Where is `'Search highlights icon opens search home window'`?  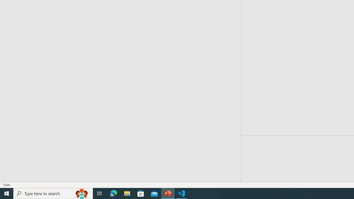 'Search highlights icon opens search home window' is located at coordinates (81, 193).